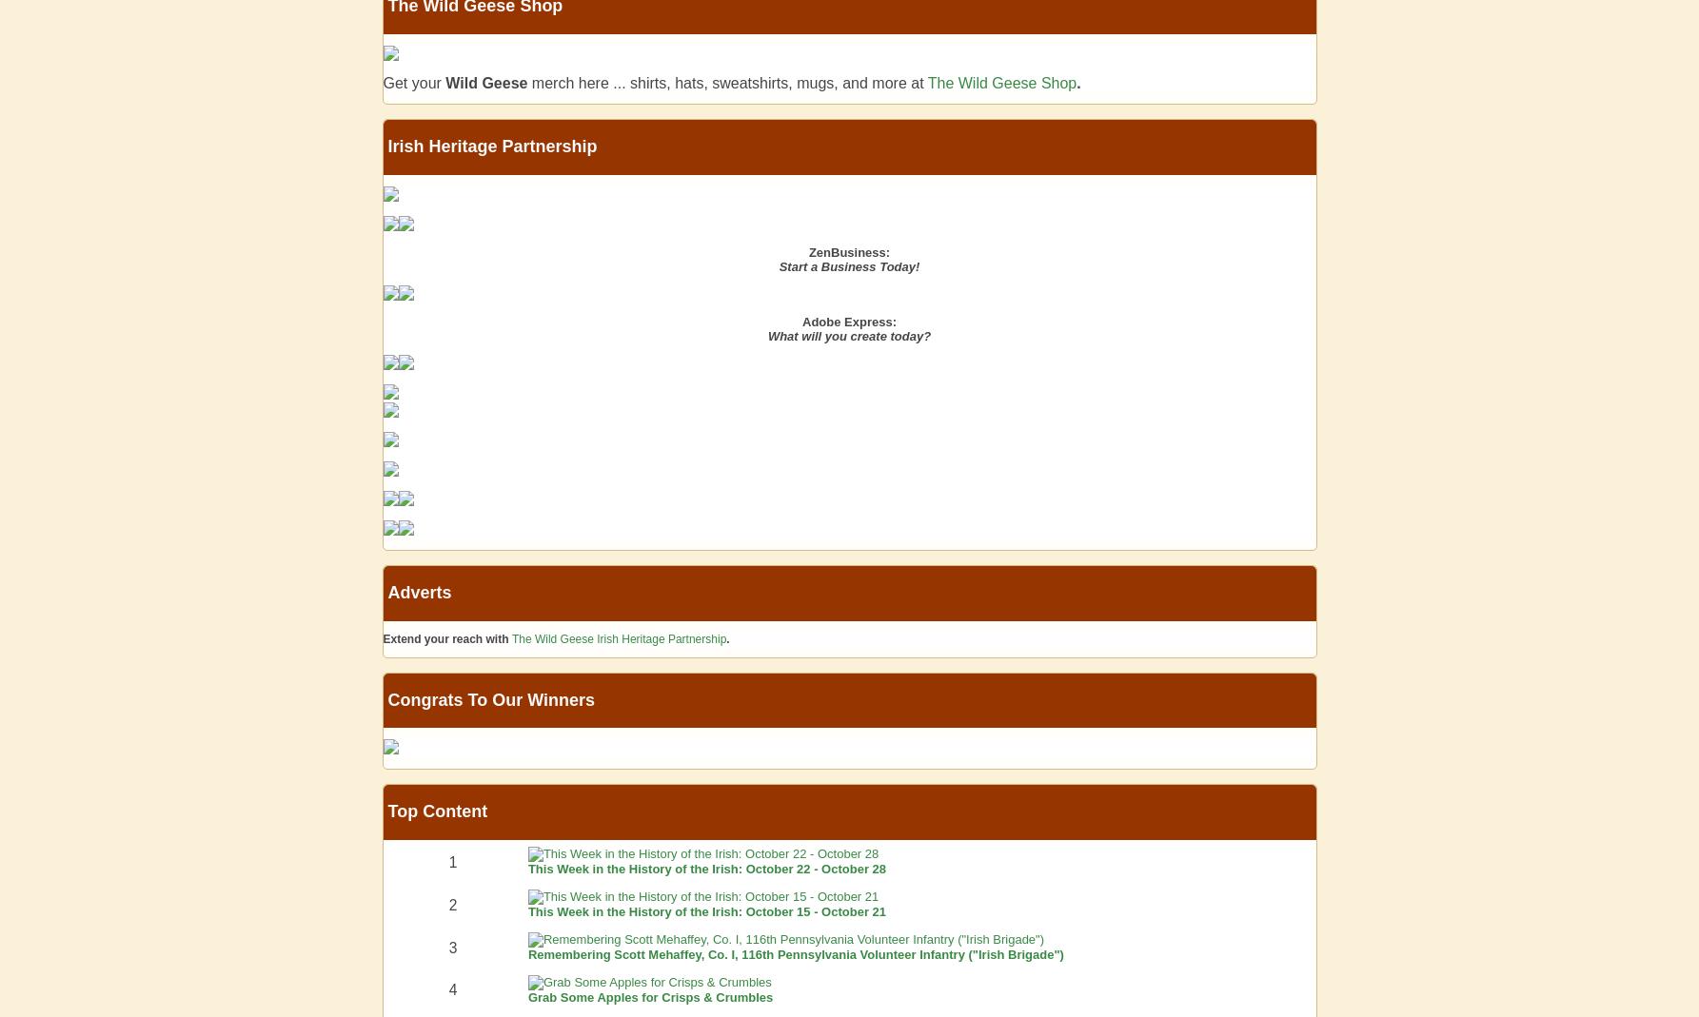  Describe the element at coordinates (436, 811) in the screenshot. I see `'Top Content'` at that location.